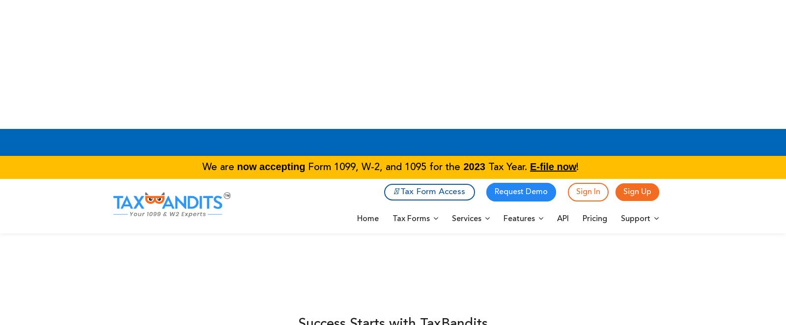 The width and height of the screenshot is (786, 325). I want to click on 'Sign Up', so click(622, 35).